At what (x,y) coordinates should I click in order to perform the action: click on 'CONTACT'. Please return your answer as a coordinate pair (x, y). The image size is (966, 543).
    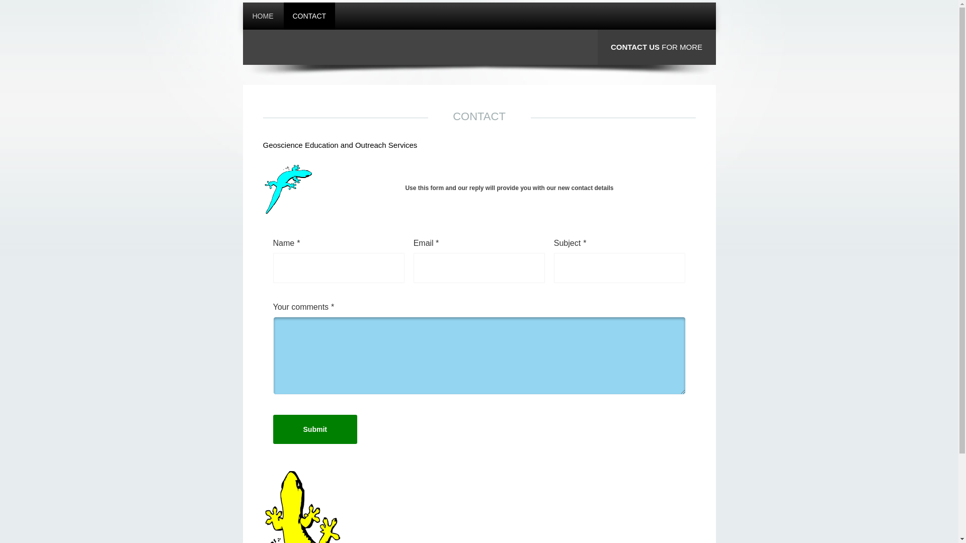
    Looking at the image, I should click on (283, 16).